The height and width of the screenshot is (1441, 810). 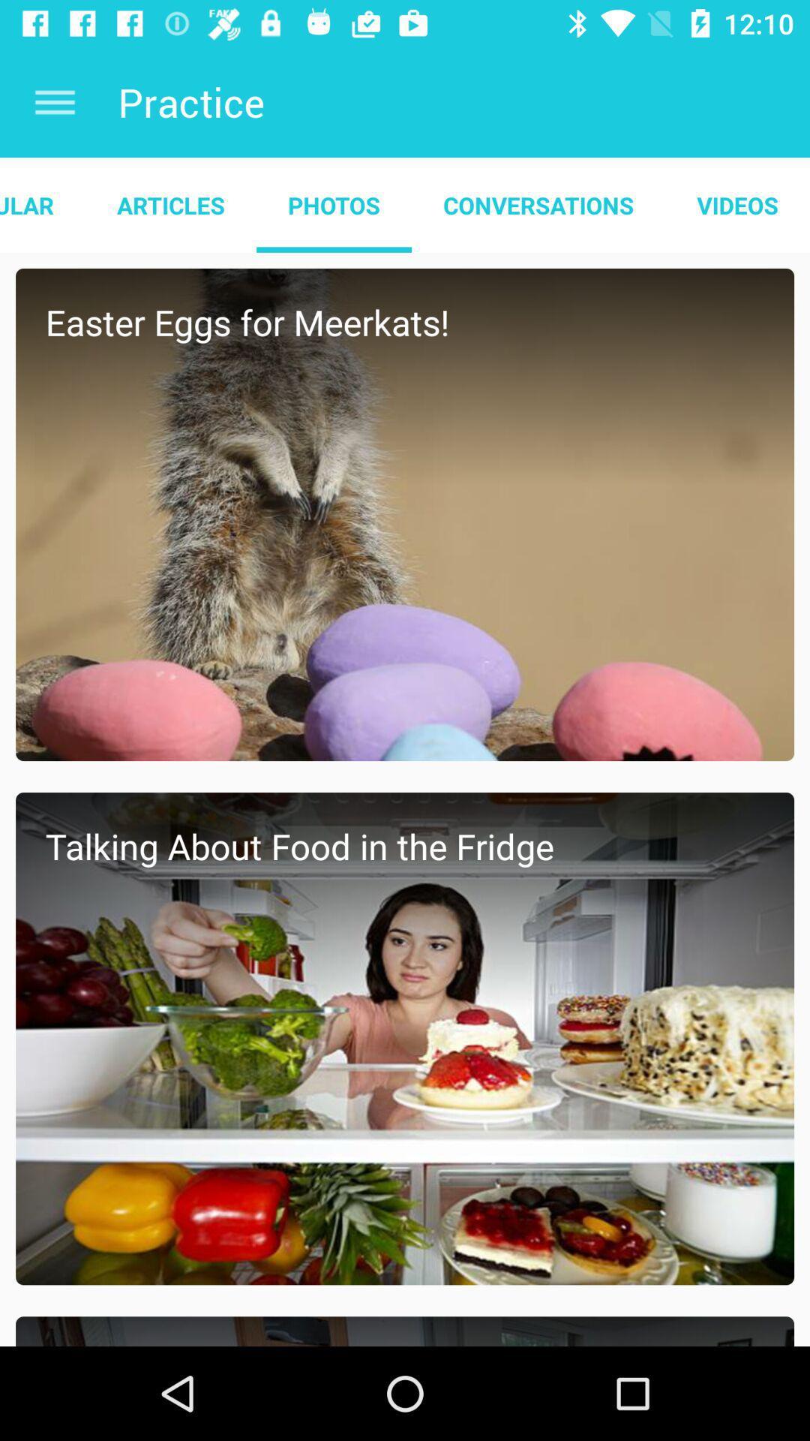 What do you see at coordinates (736, 204) in the screenshot?
I see `the videos at the top right corner` at bounding box center [736, 204].